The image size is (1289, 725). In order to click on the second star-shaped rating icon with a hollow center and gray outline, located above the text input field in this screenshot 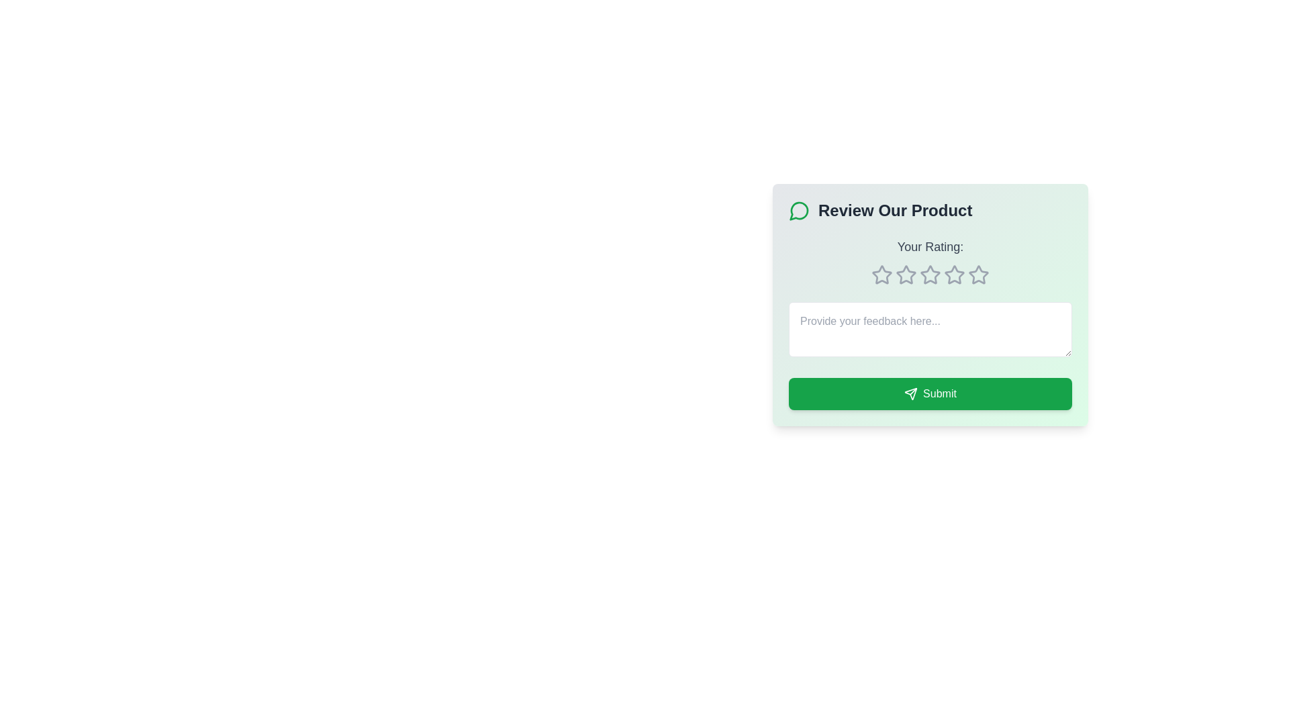, I will do `click(906, 274)`.